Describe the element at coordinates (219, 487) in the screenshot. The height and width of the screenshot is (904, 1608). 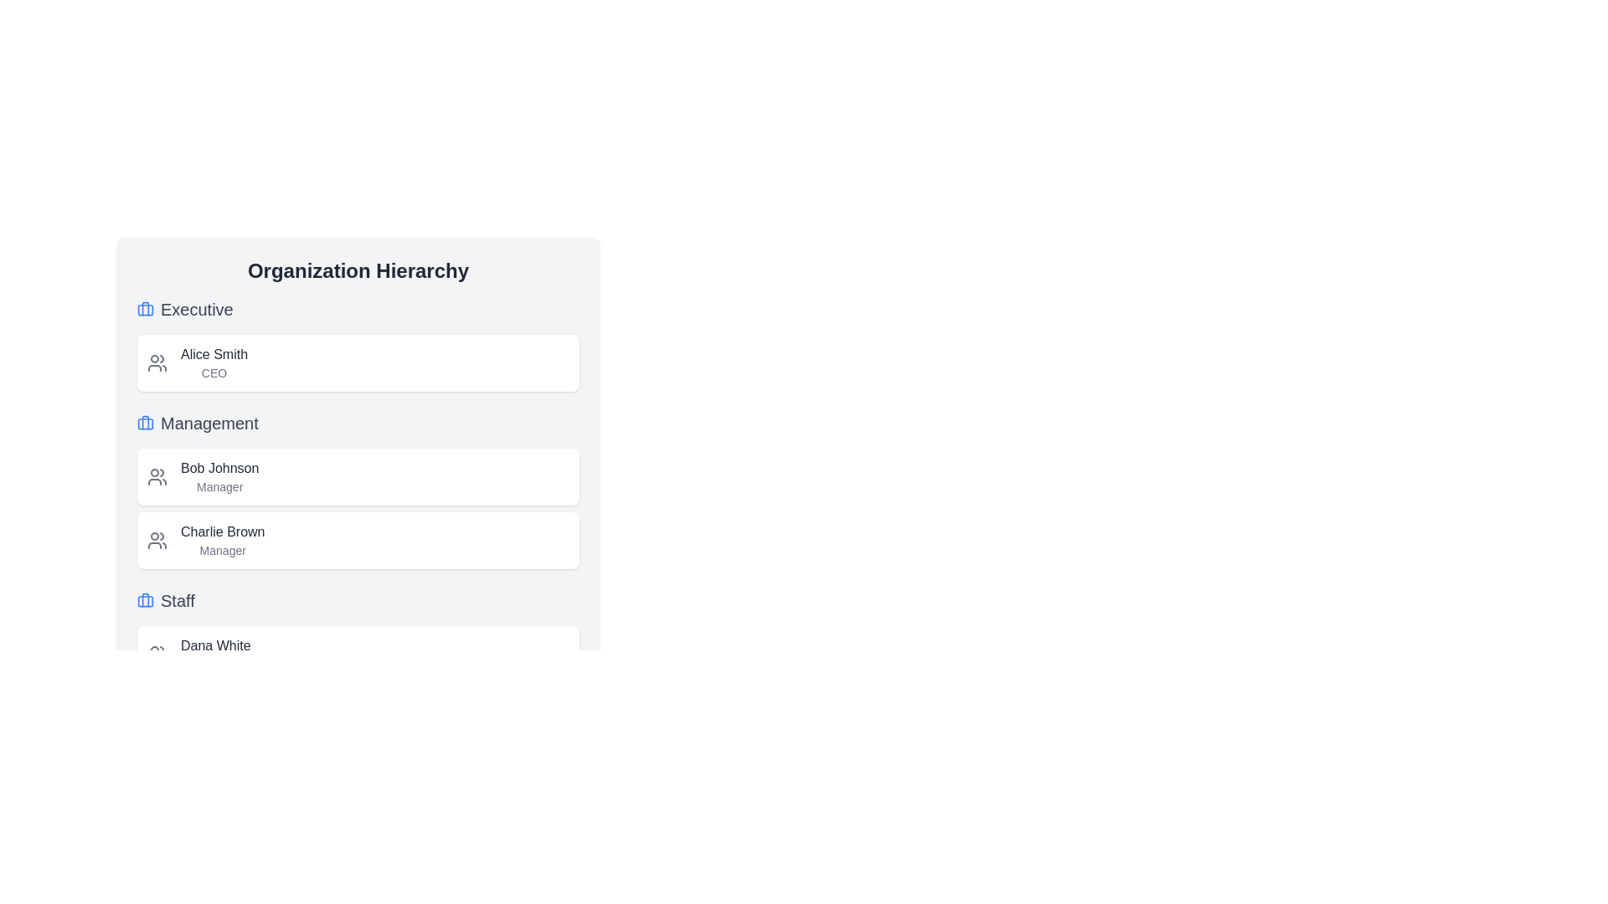
I see `the non-interactive text label indicating the job title associated with 'Bob Johnson', located below the text 'Bob Johnson' in the 'Management' section` at that location.